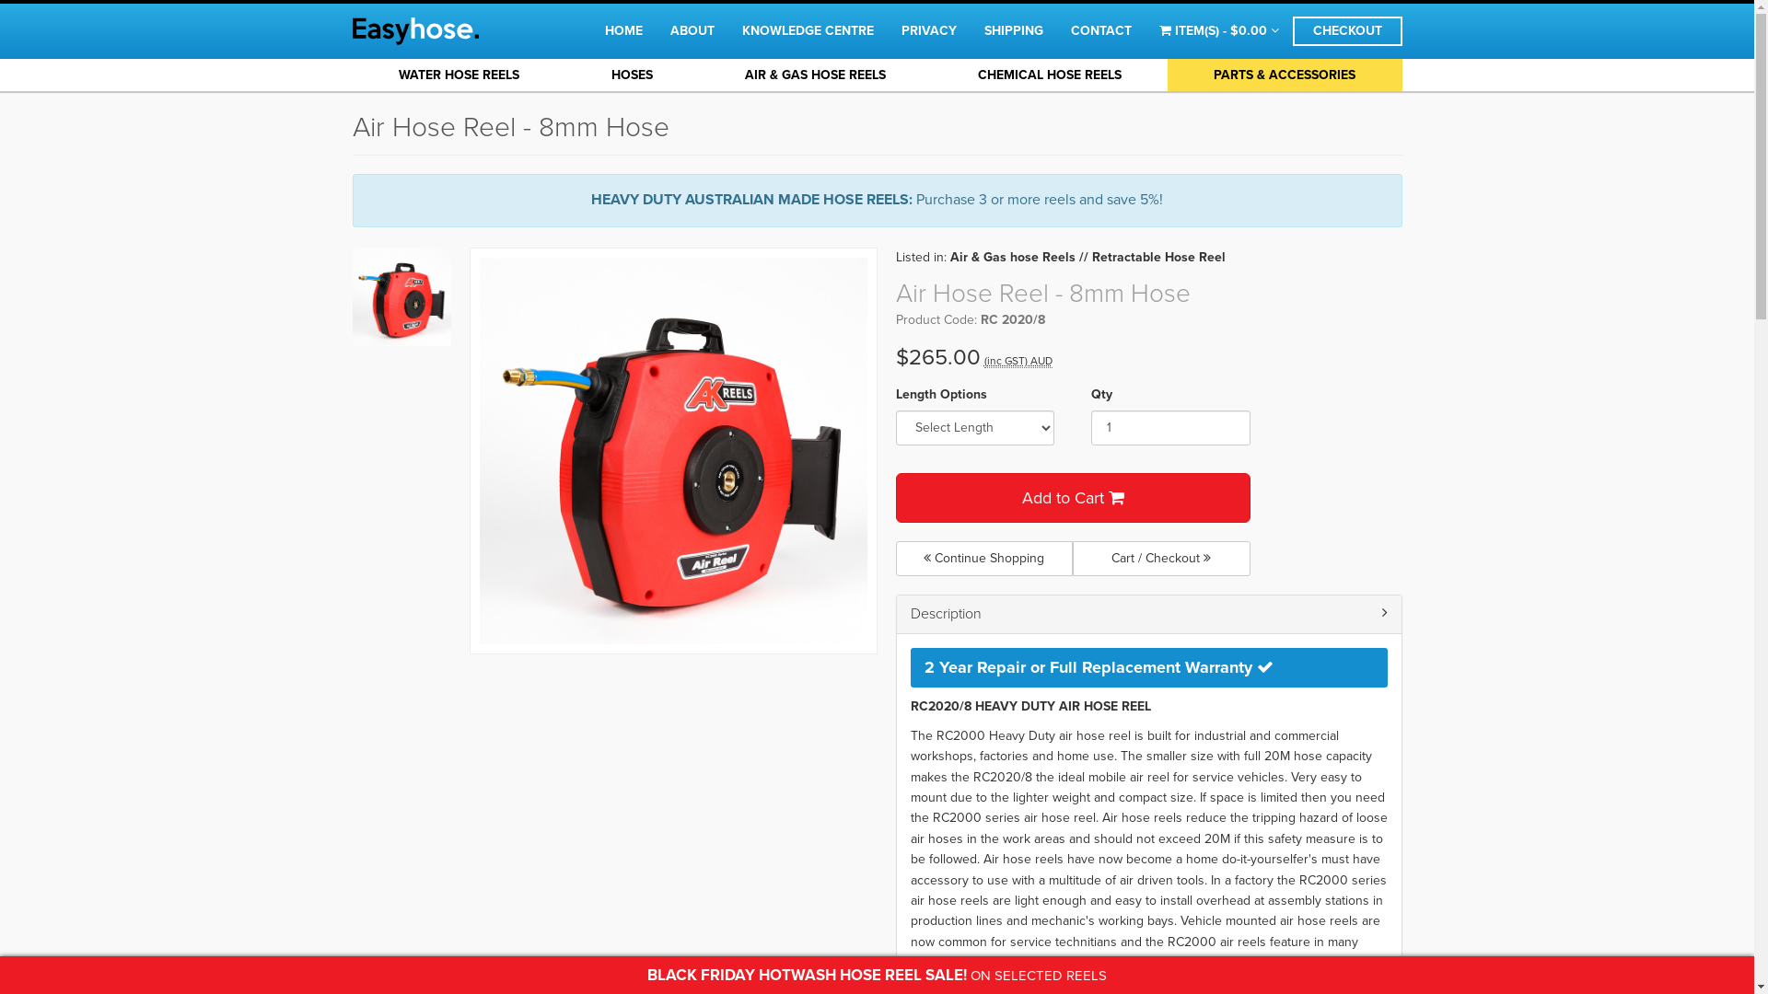 This screenshot has height=994, width=1768. What do you see at coordinates (1050, 74) in the screenshot?
I see `'CHEMICAL HOSE REELS'` at bounding box center [1050, 74].